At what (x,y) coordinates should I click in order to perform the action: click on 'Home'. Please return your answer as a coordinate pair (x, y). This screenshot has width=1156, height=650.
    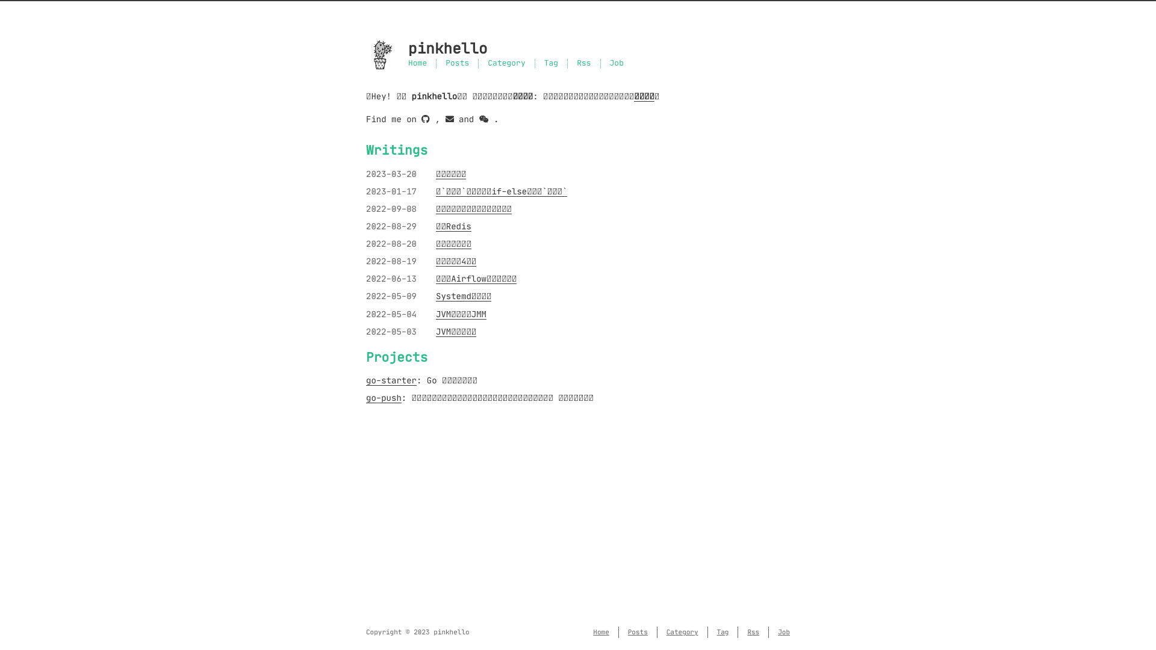
    Looking at the image, I should click on (417, 63).